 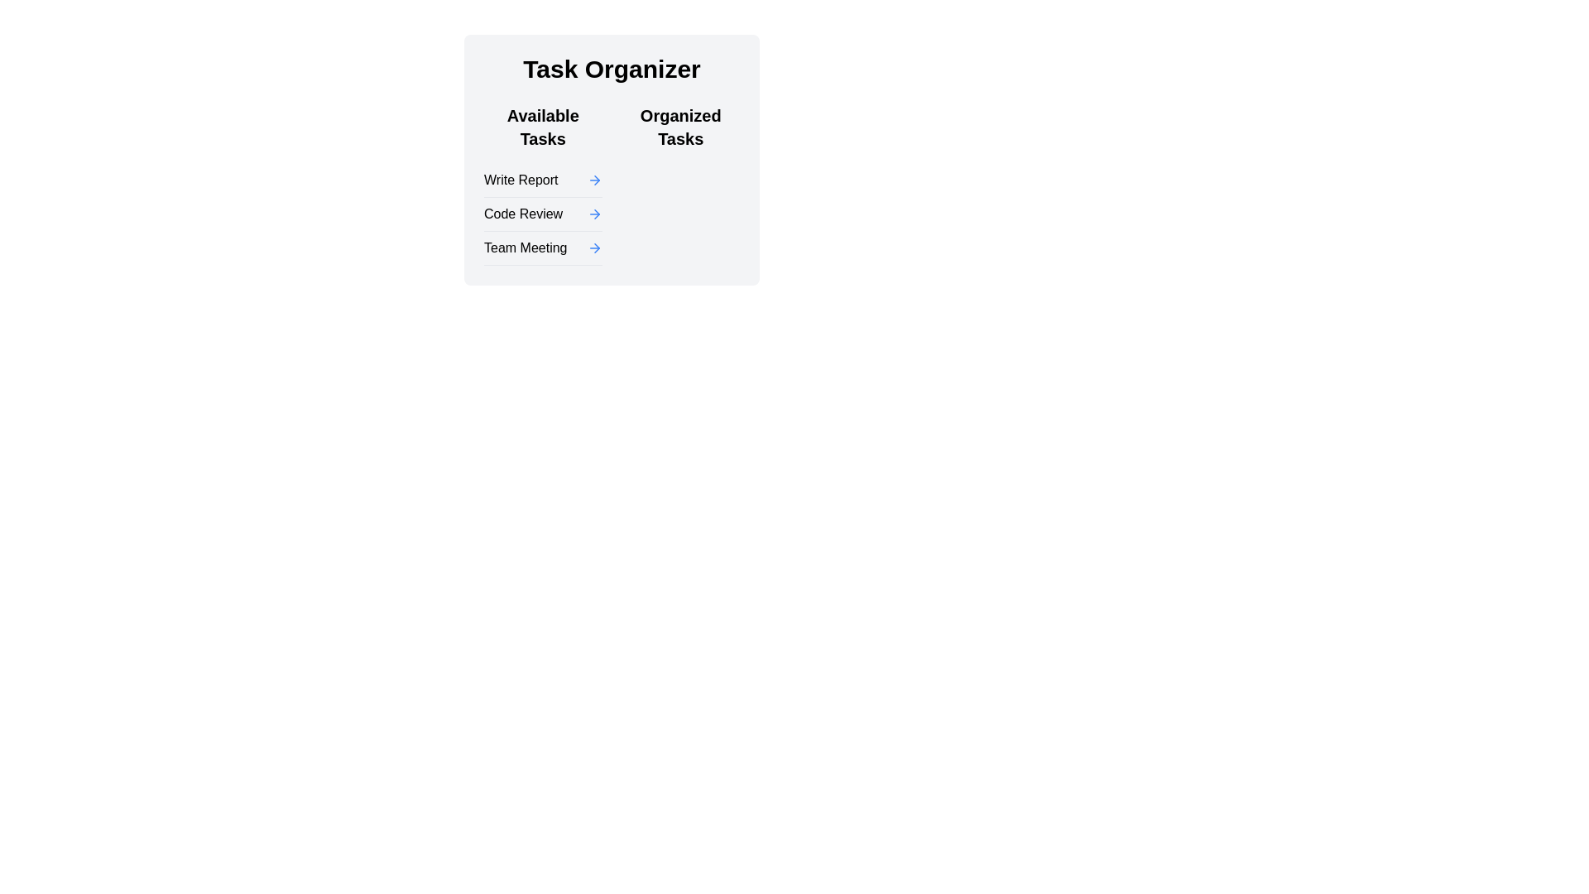 I want to click on the 'Write Report' text label located in the 'Available Tasks' section of the Task Organizer interface, so click(x=520, y=180).